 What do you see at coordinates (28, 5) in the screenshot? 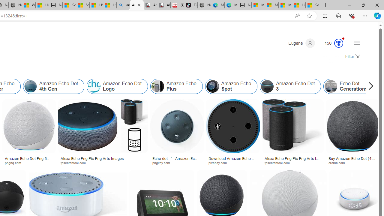
I see `'Wildlife - MSN'` at bounding box center [28, 5].